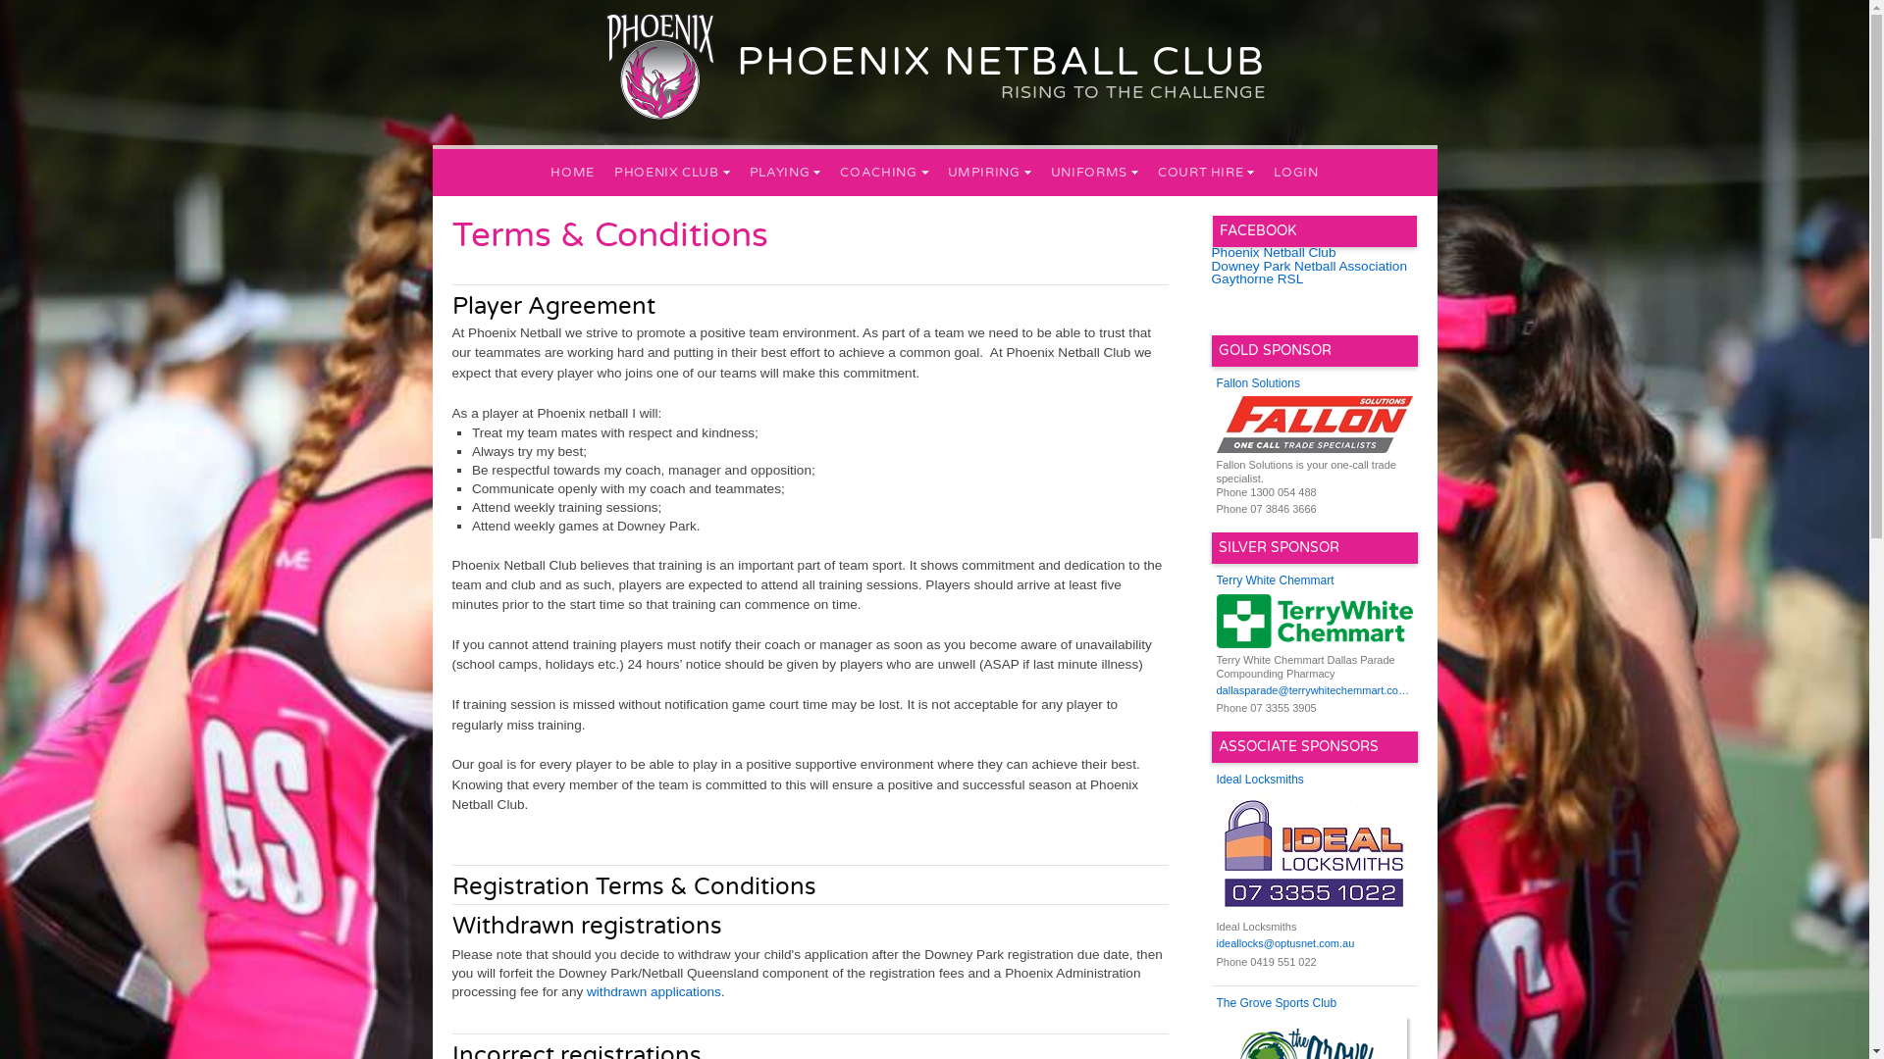 This screenshot has height=1059, width=1884. Describe the element at coordinates (1215, 779) in the screenshot. I see `'Ideal Locksmiths'` at that location.